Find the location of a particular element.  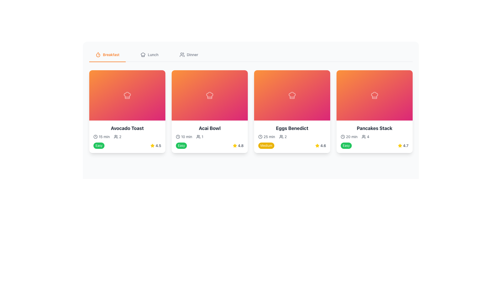

the culinary theme icon representing recipes or dishes on the 'Pancakes Stack' card located in the top central area of the fourth card from the left is located at coordinates (374, 95).